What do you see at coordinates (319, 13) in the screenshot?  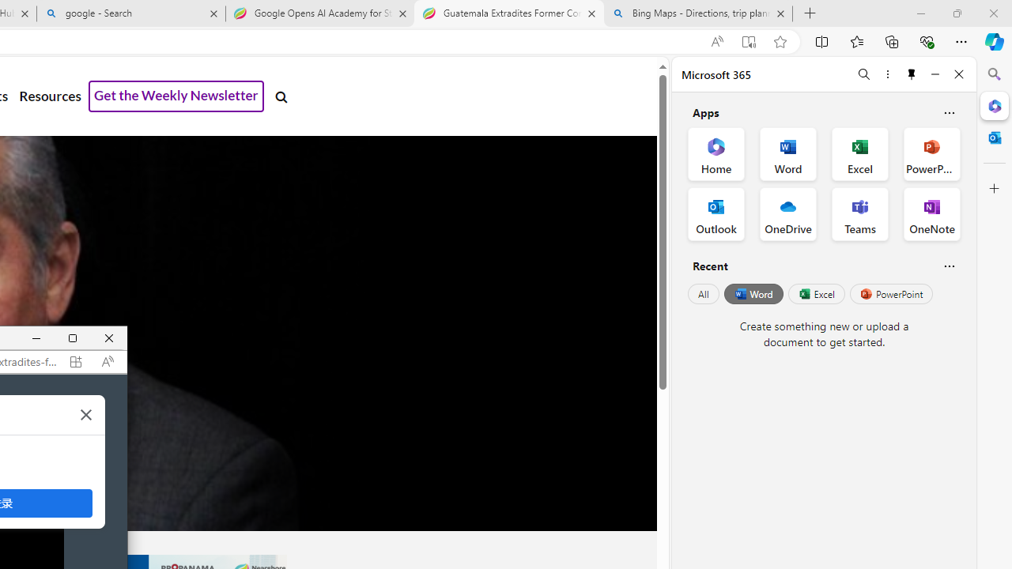 I see `'Google Opens AI Academy for Startups - Nearshore Americas'` at bounding box center [319, 13].